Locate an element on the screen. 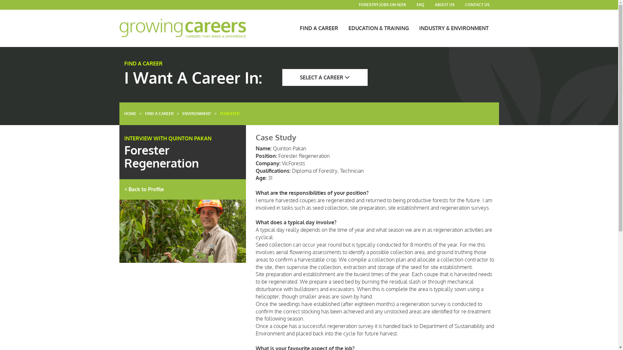 Image resolution: width=623 pixels, height=350 pixels. 'CONTACT US' is located at coordinates (464, 5).